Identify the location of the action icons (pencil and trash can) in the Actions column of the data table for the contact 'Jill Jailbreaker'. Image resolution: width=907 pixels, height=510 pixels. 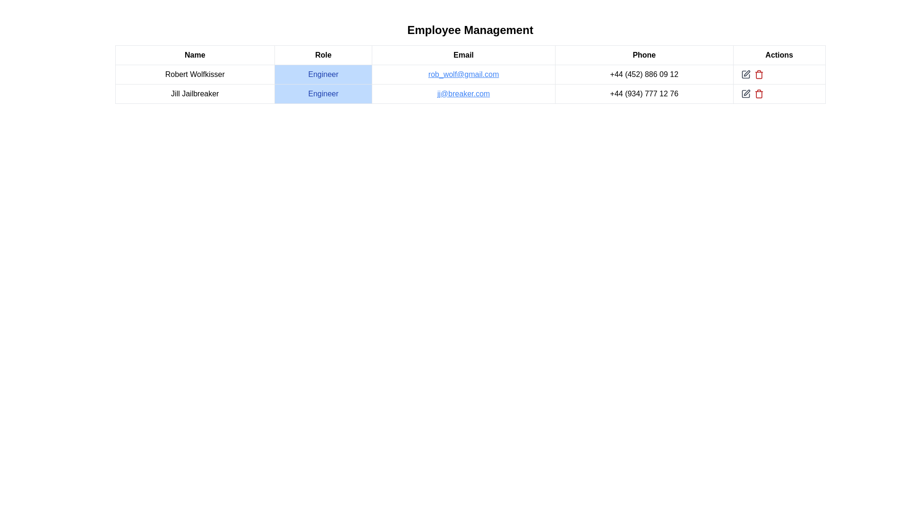
(779, 94).